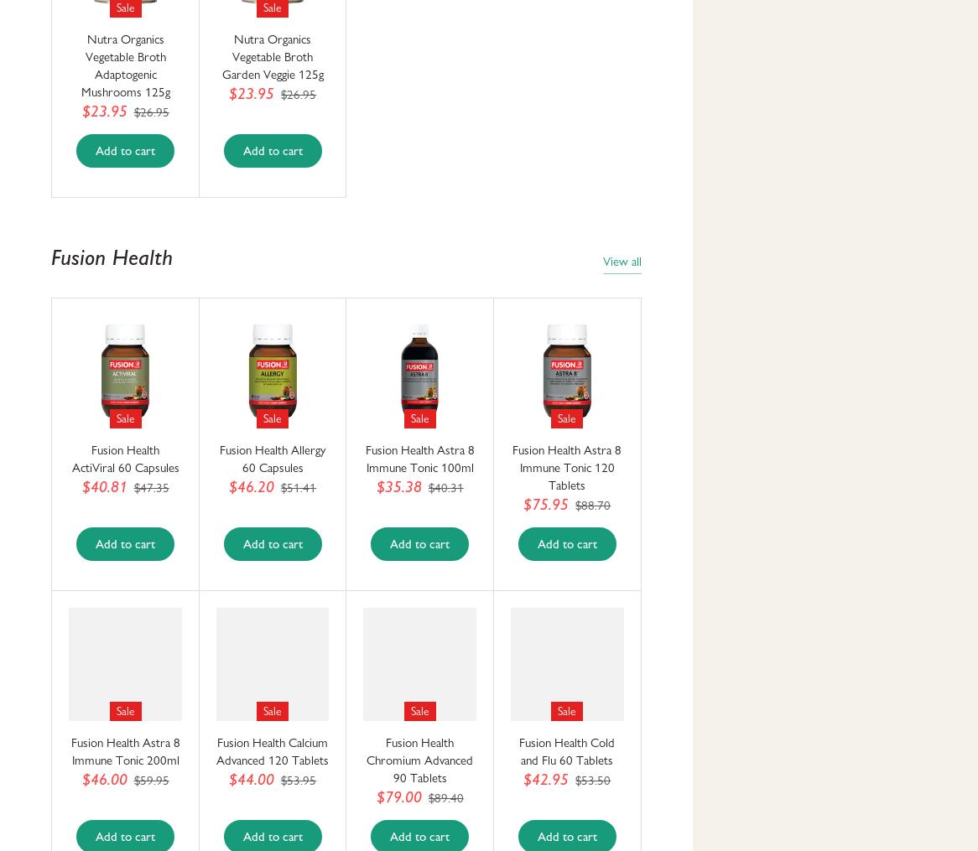 This screenshot has width=978, height=851. Describe the element at coordinates (125, 459) in the screenshot. I see `'Fusion Health ActiViral 60 Capsules'` at that location.